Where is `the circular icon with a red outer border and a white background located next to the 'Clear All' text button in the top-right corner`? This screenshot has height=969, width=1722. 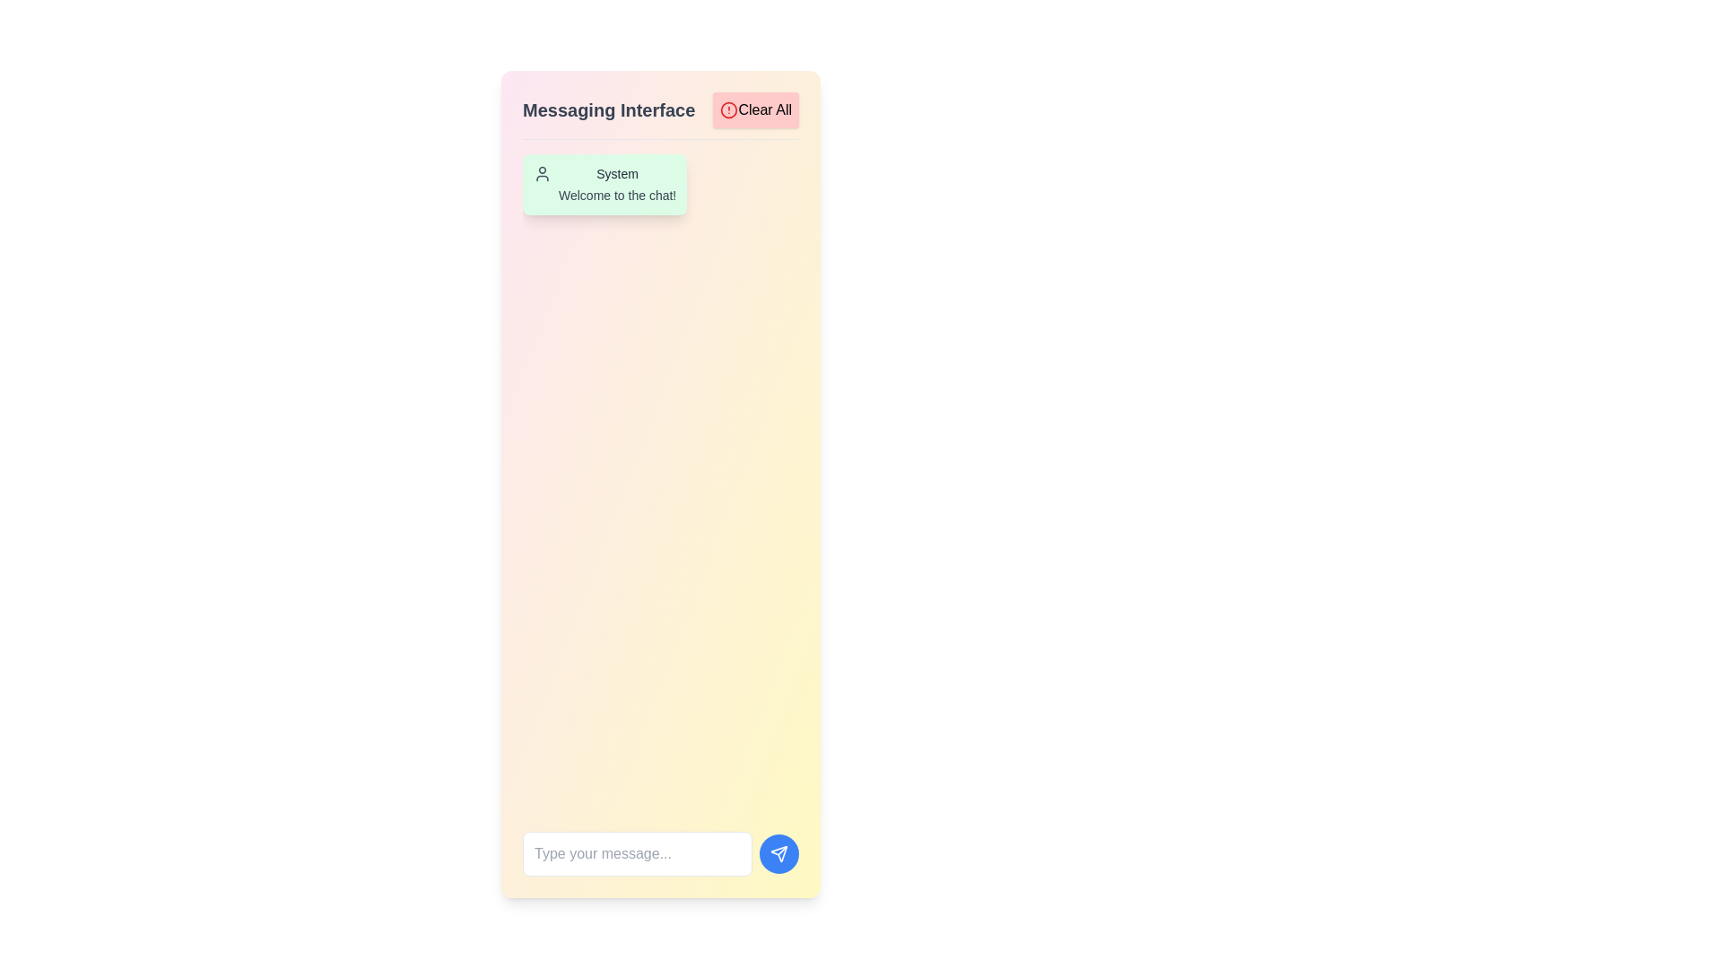
the circular icon with a red outer border and a white background located next to the 'Clear All' text button in the top-right corner is located at coordinates (729, 110).